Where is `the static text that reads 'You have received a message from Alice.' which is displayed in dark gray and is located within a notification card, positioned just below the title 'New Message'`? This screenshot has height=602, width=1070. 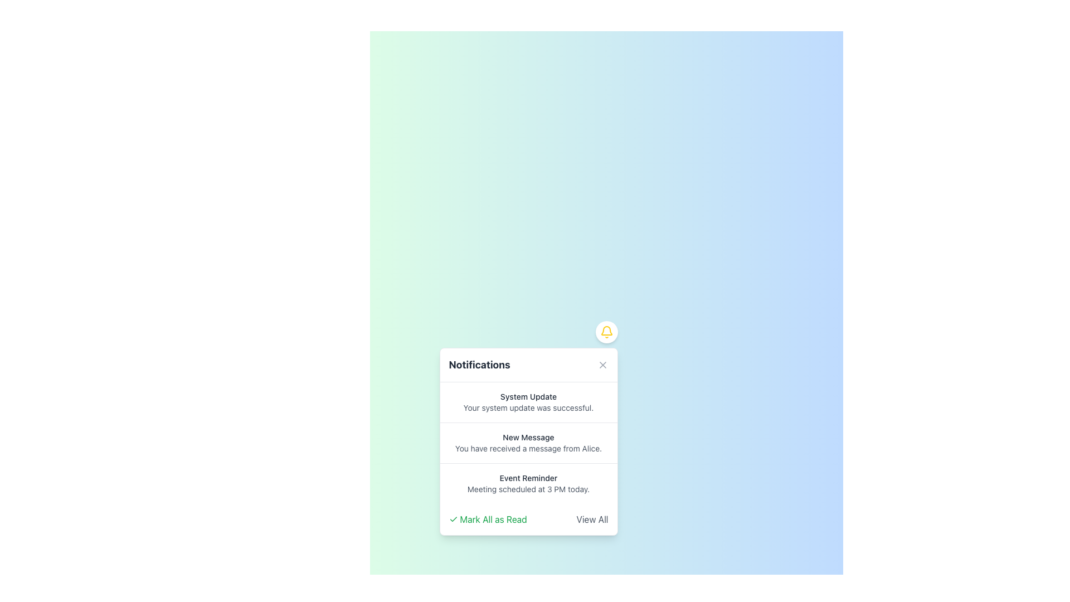
the static text that reads 'You have received a message from Alice.' which is displayed in dark gray and is located within a notification card, positioned just below the title 'New Message' is located at coordinates (528, 448).